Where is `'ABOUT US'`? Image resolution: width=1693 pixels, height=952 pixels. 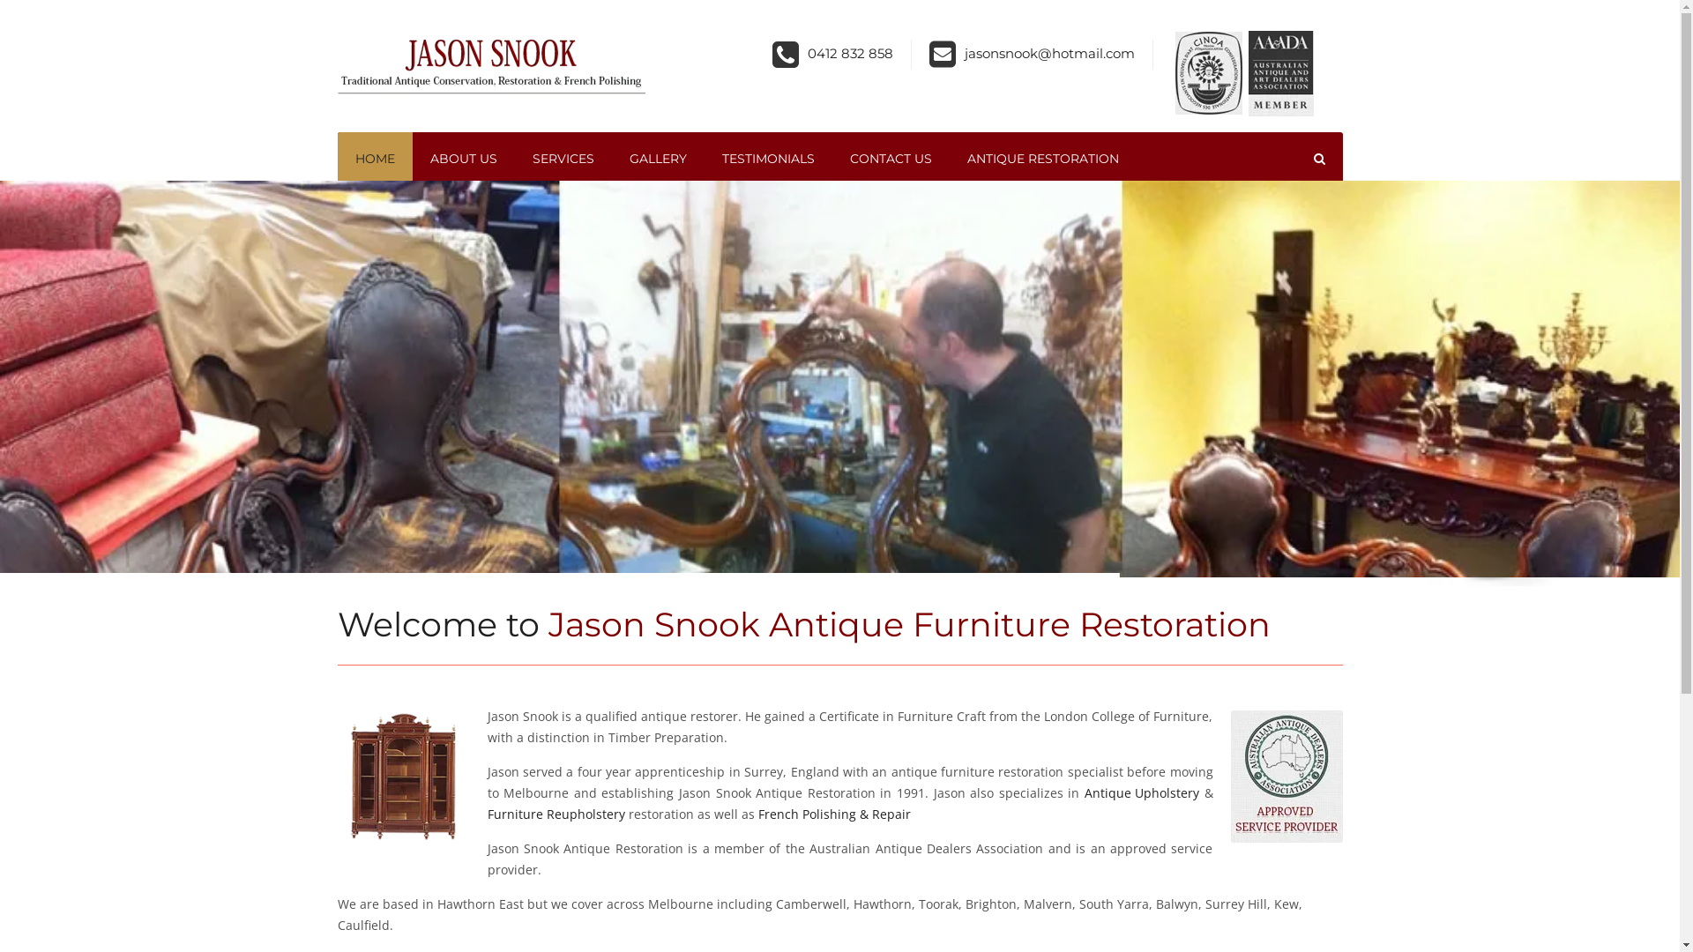
'ABOUT US' is located at coordinates (464, 159).